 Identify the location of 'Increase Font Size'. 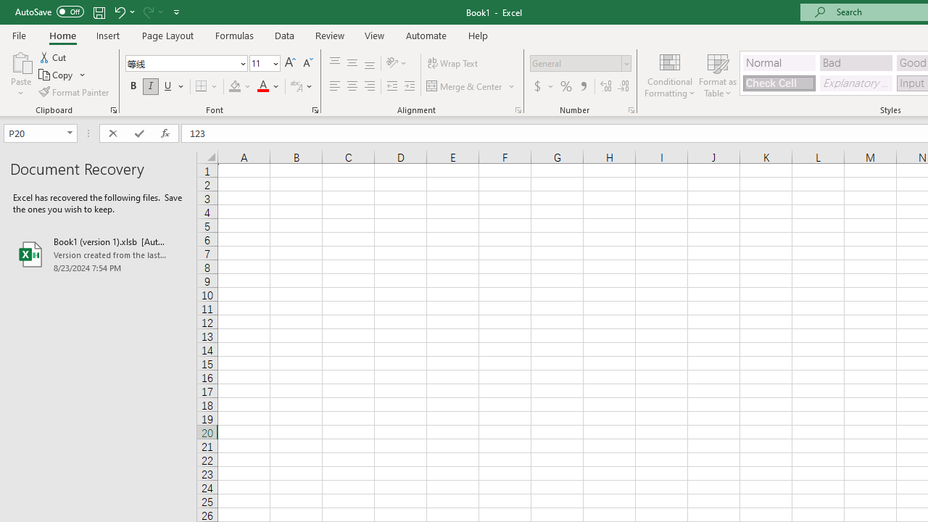
(290, 62).